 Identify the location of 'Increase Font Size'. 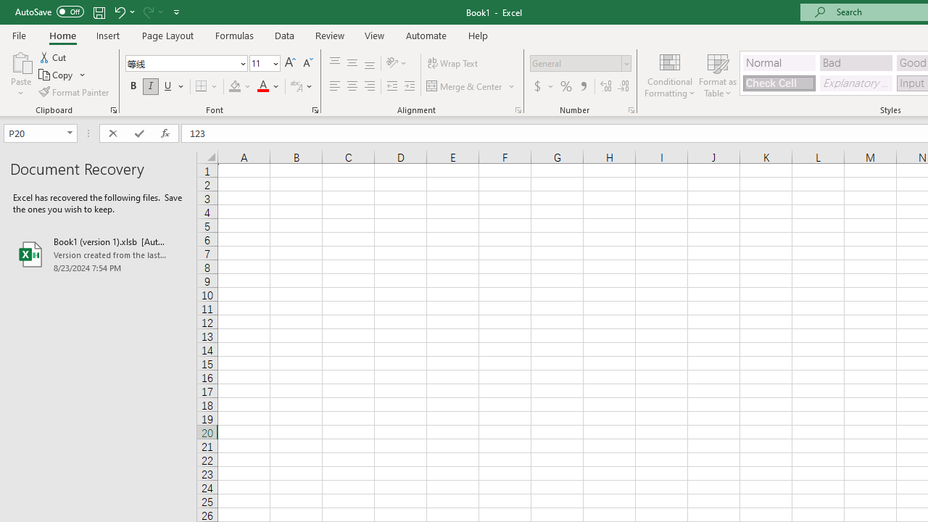
(290, 62).